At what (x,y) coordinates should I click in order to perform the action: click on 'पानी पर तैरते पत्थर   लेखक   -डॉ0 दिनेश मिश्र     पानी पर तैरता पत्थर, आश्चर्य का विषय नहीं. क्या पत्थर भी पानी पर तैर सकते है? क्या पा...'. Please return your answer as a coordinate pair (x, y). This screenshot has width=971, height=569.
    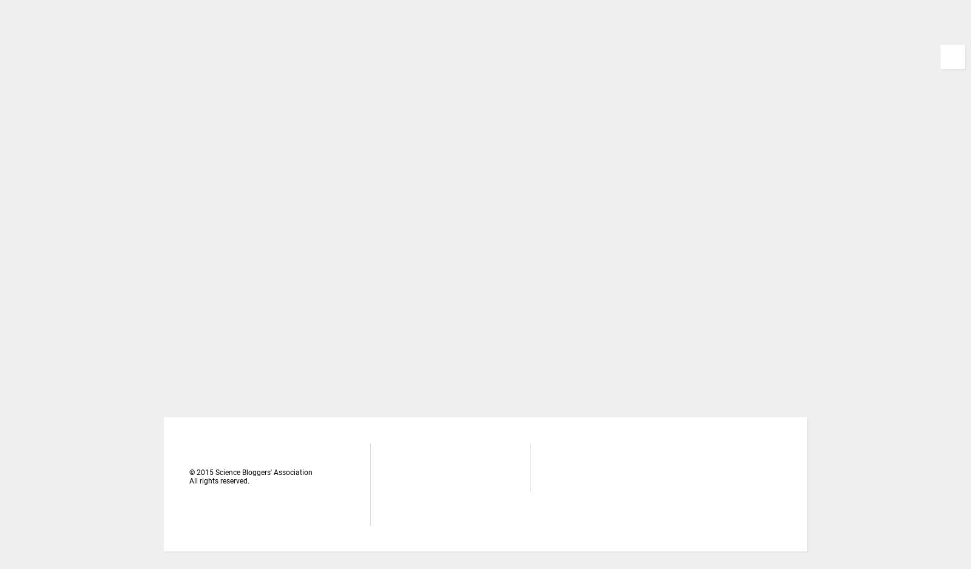
    Looking at the image, I should click on (727, 95).